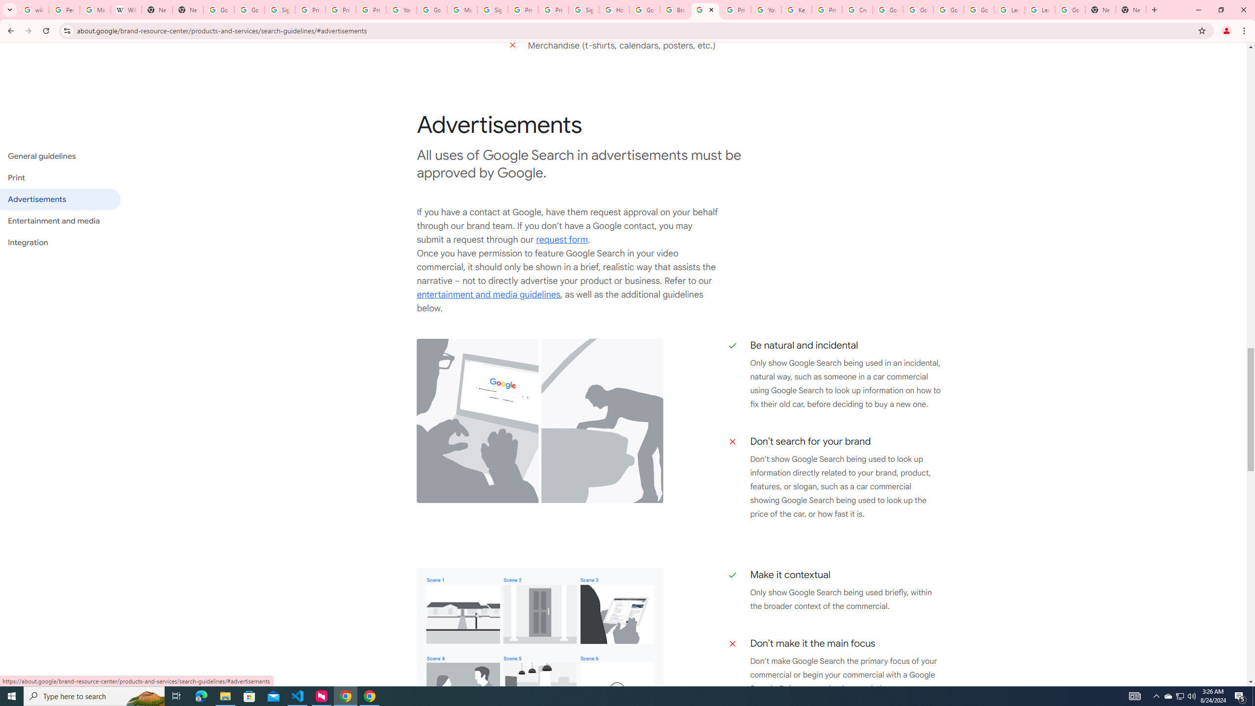 The image size is (1255, 706). I want to click on 'Advertisements', so click(60, 199).